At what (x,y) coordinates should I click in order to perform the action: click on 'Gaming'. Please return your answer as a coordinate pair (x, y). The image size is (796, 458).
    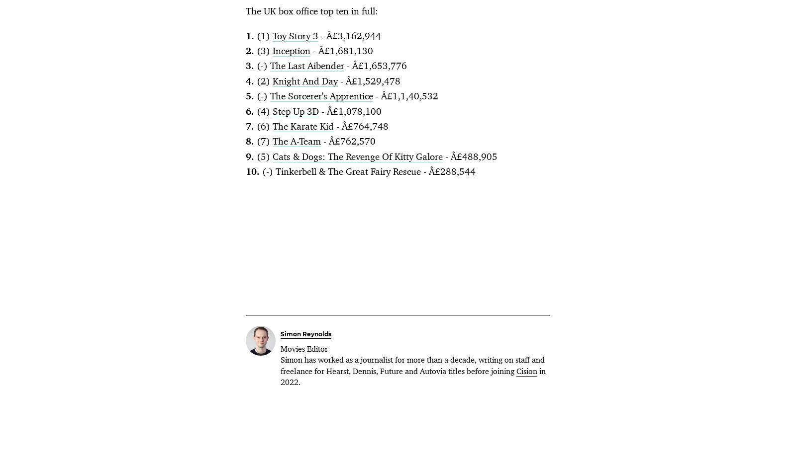
    Looking at the image, I should click on (549, 141).